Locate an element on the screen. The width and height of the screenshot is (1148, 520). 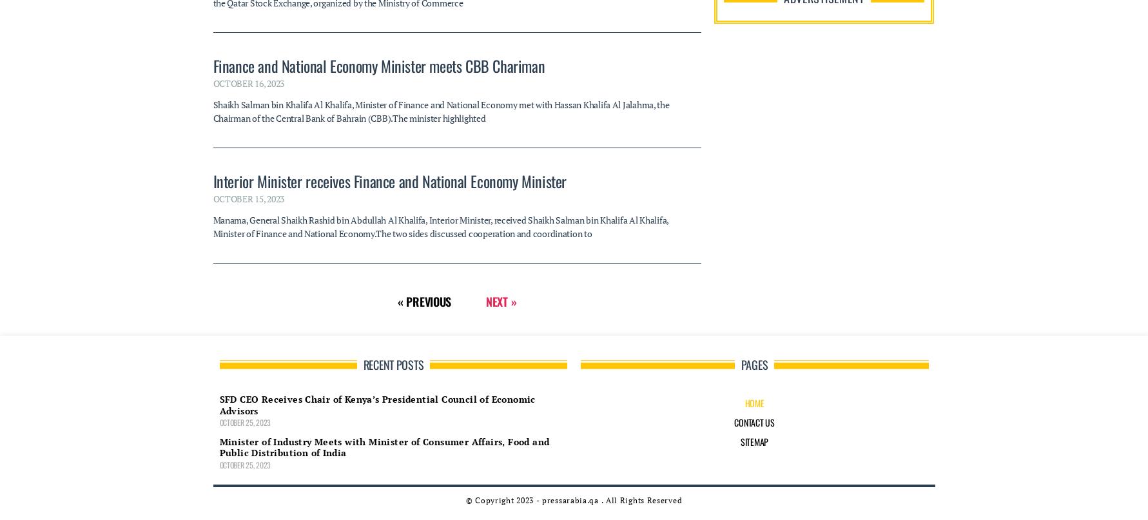
'Recent Posts' is located at coordinates (392, 113).